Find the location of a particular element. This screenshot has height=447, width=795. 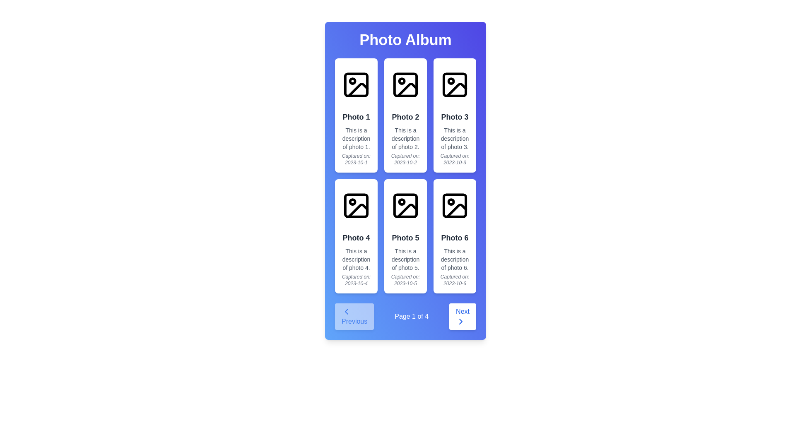

the photo icon, which is a graphical representation of a photo with rounded corners and a central circle located in the bottom-right corner of the 3x2 grid labeled 'Photo 6' is located at coordinates (454, 205).